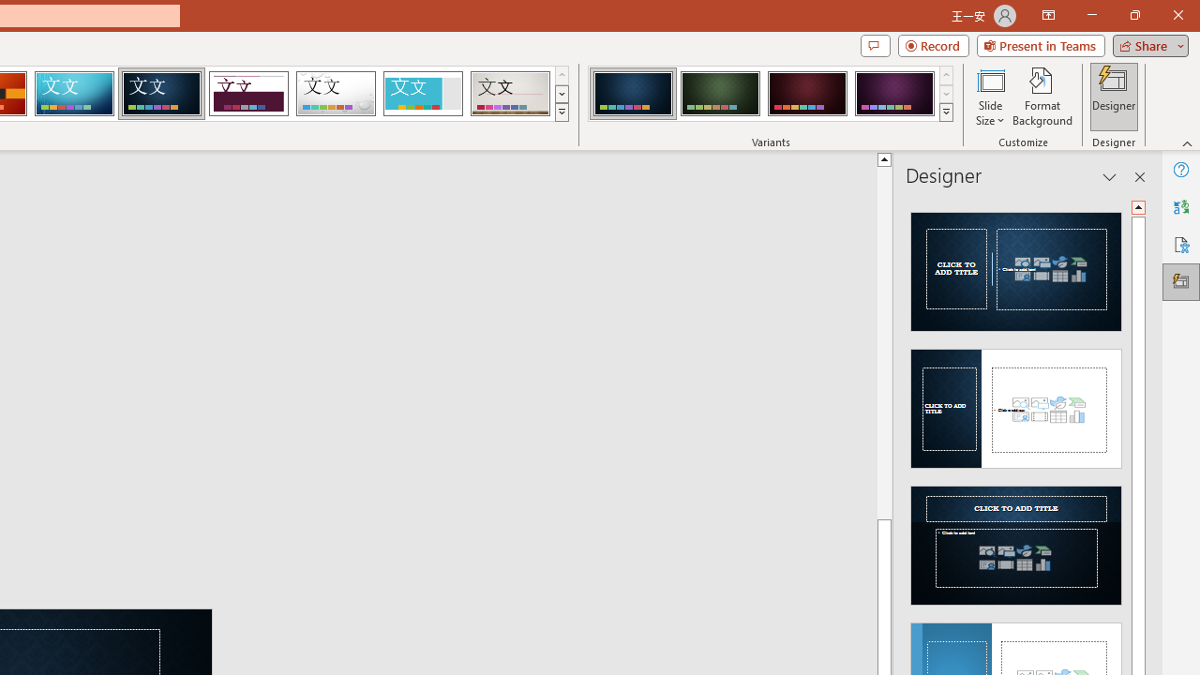 Image resolution: width=1200 pixels, height=675 pixels. What do you see at coordinates (772, 94) in the screenshot?
I see `'AutomationID: ThemeVariantsGallery'` at bounding box center [772, 94].